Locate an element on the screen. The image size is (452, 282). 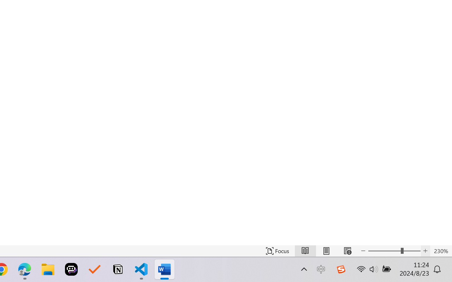
'Decrease Text Size' is located at coordinates (363, 251).